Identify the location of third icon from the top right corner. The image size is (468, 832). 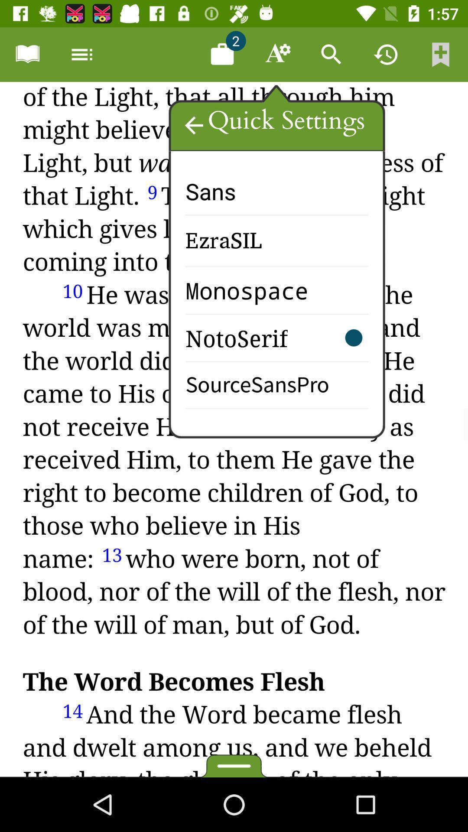
(331, 54).